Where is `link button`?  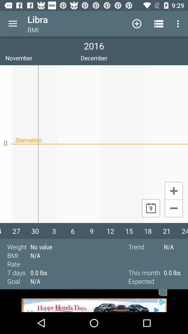
link button is located at coordinates (94, 300).